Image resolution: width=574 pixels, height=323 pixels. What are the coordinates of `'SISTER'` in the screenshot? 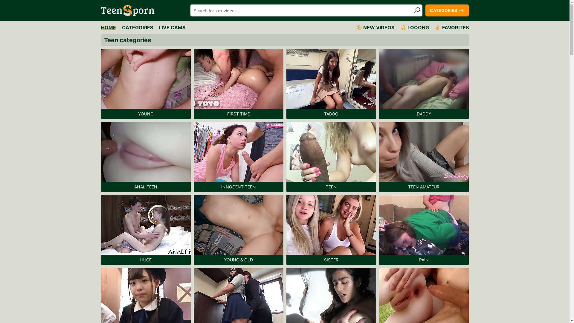 It's located at (331, 229).